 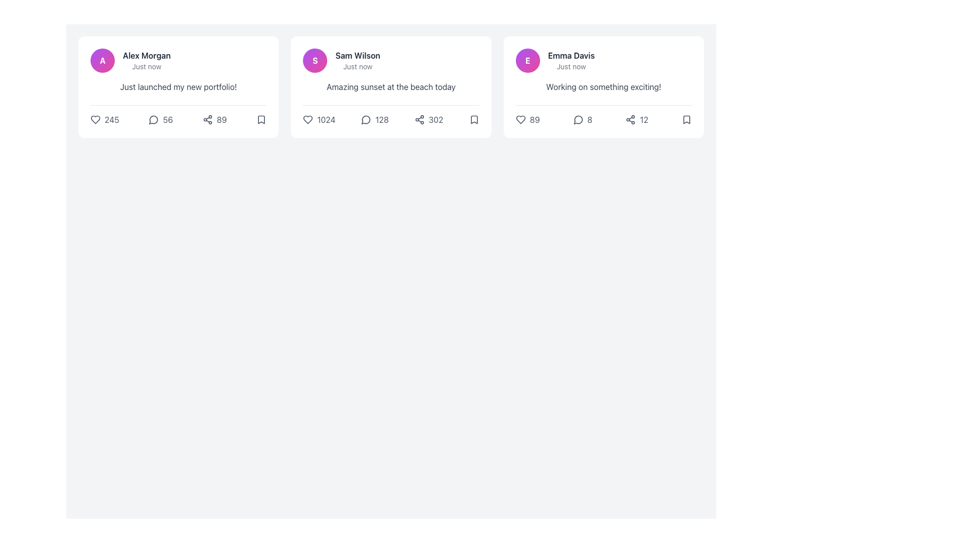 What do you see at coordinates (358, 60) in the screenshot?
I see `the Text component displaying the user's name 'Sam Wilson' and the time of the post 'Just now', located in the second card of three, above the caption text` at bounding box center [358, 60].